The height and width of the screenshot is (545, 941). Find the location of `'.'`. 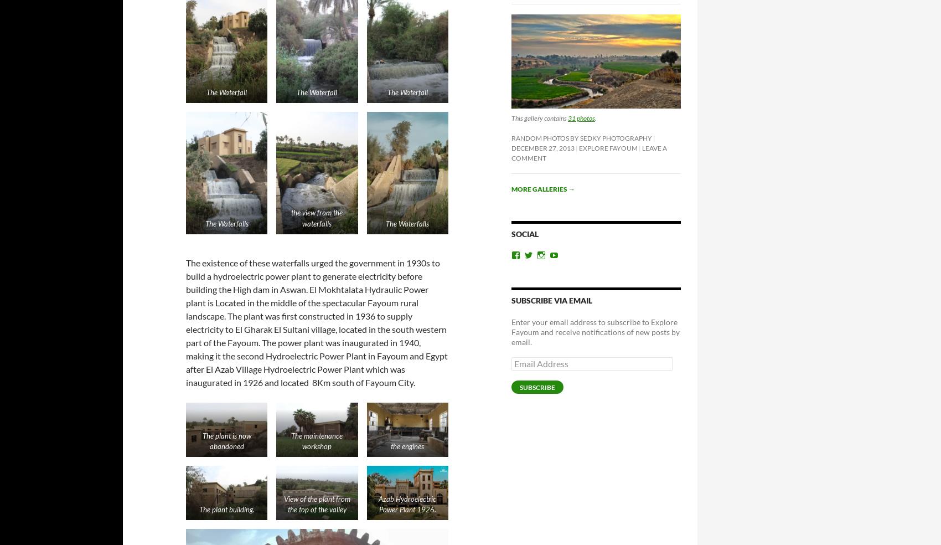

'.' is located at coordinates (596, 117).